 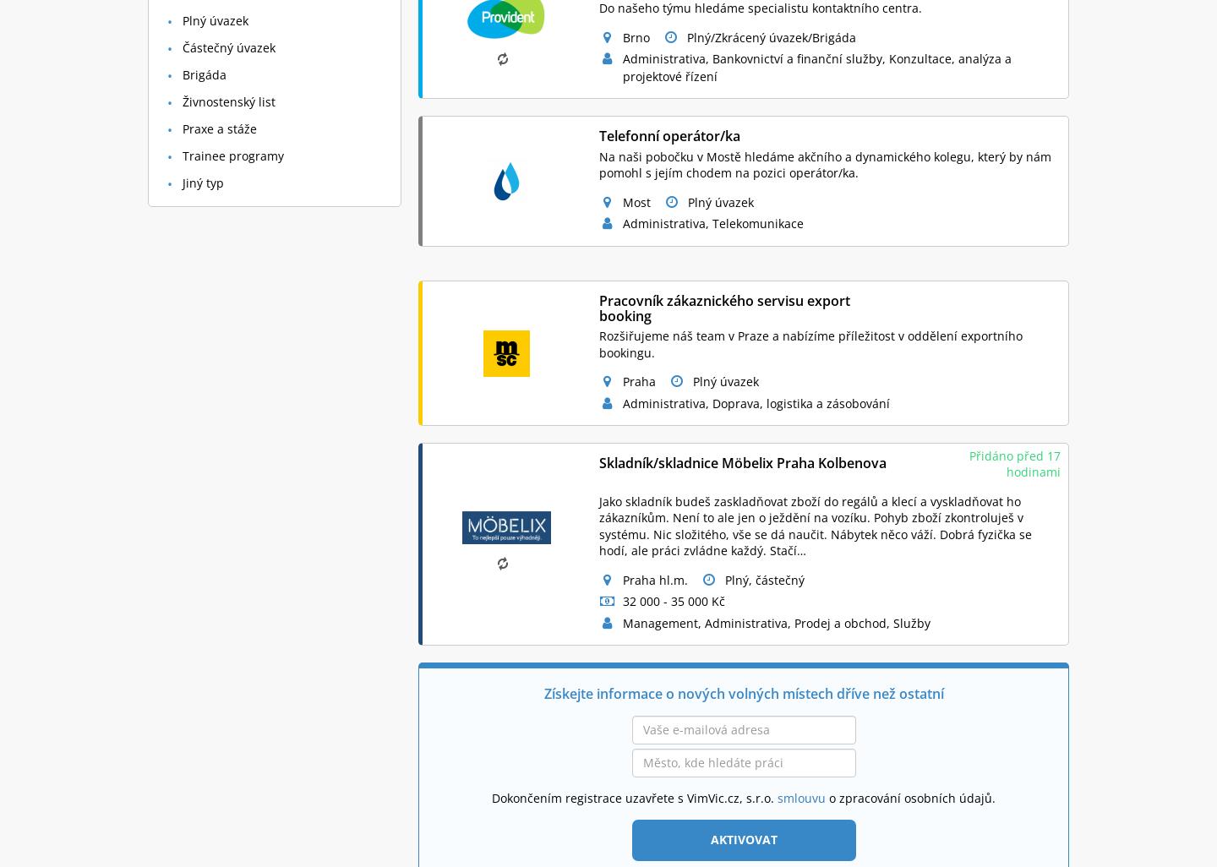 I want to click on 'Rozšiřujeme náš team v Praze a nabízíme příležitost v oddělení exportního bookingu.', so click(x=810, y=343).